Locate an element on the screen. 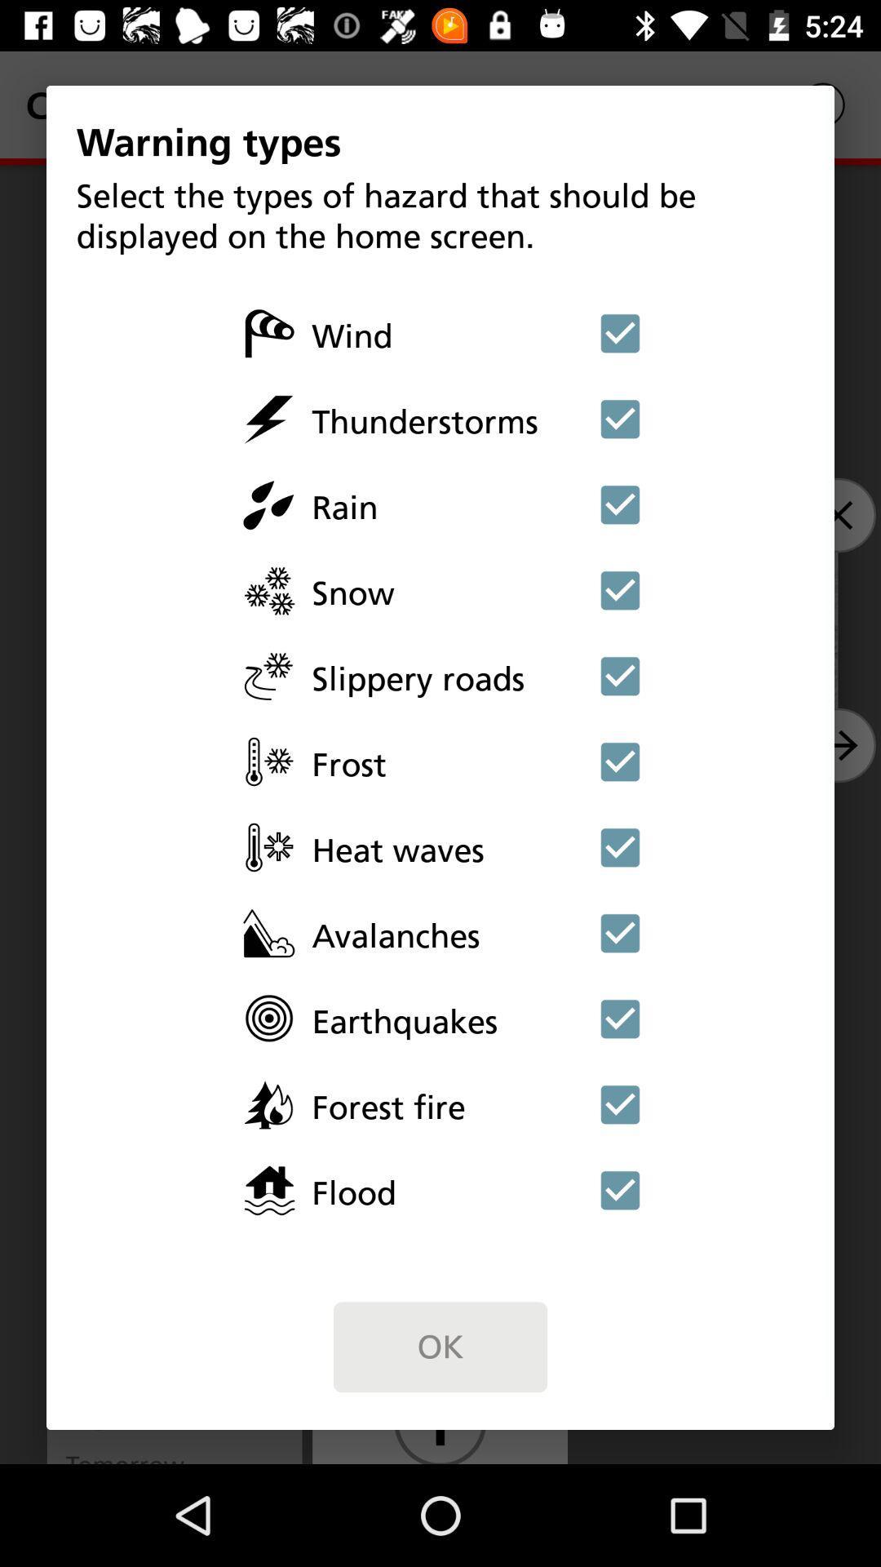  deselect option is located at coordinates (620, 504).